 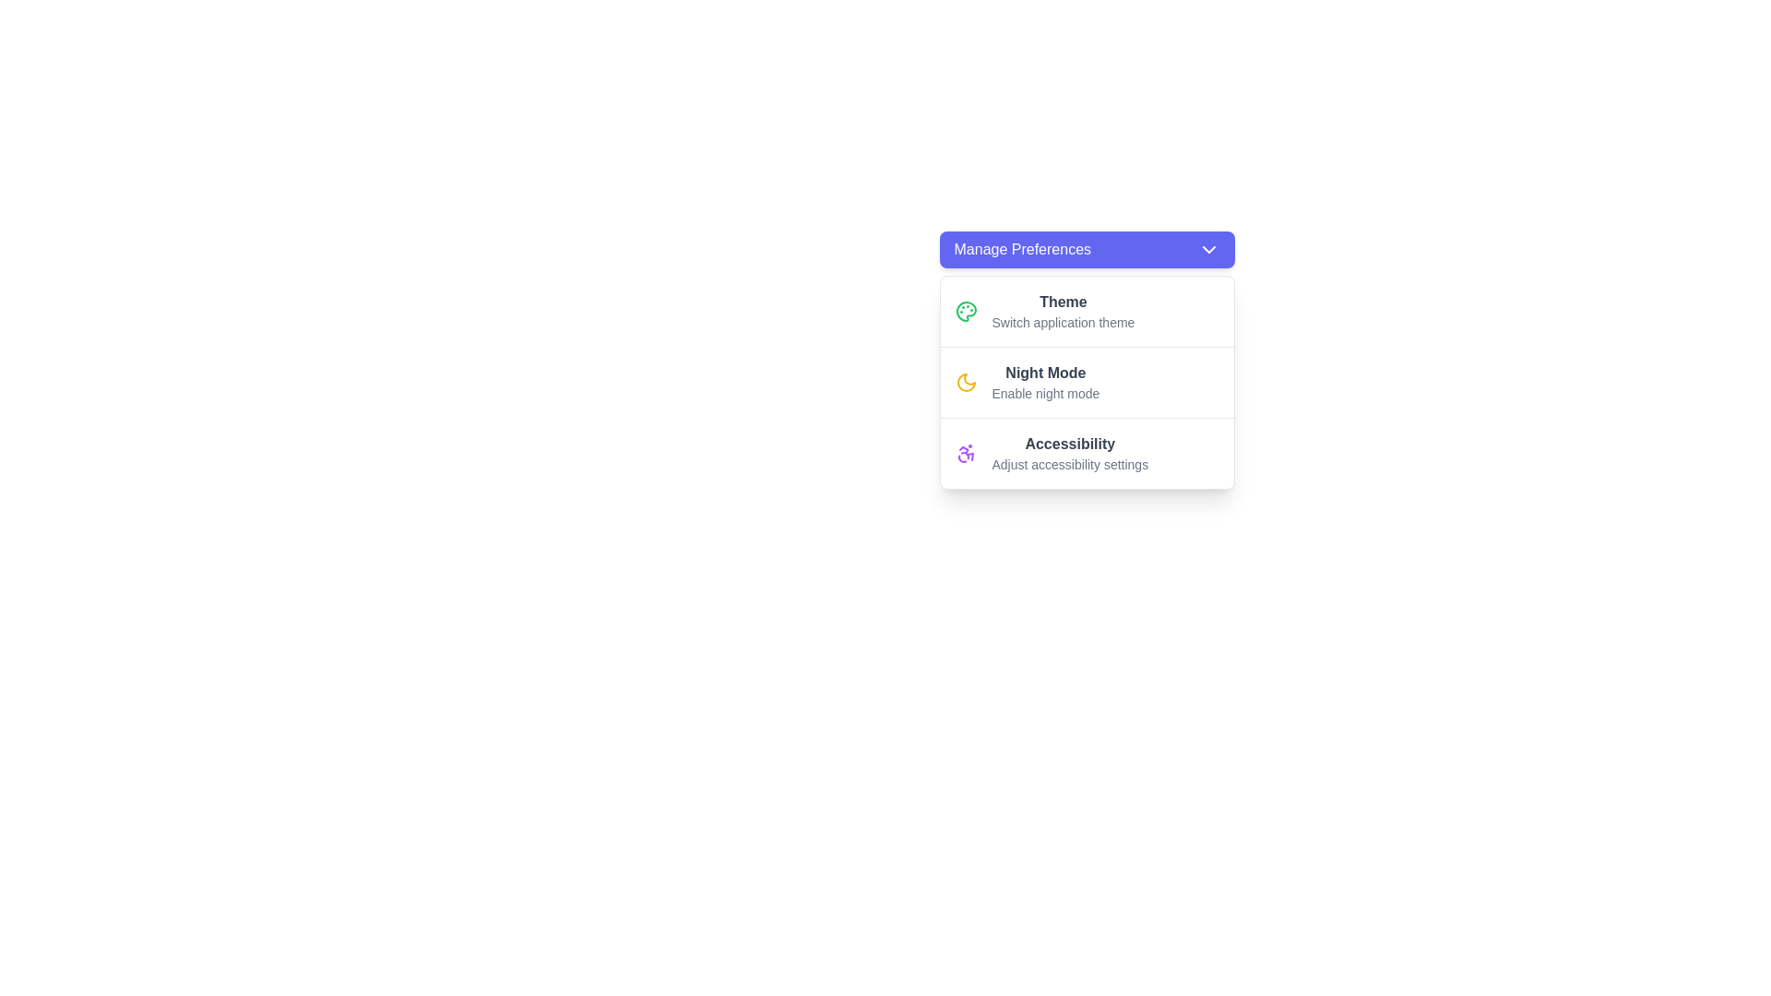 I want to click on the bold text label 'Theme' in dark gray located in the 'Preferences' dropdown below 'Manage Preferences.', so click(x=1063, y=301).